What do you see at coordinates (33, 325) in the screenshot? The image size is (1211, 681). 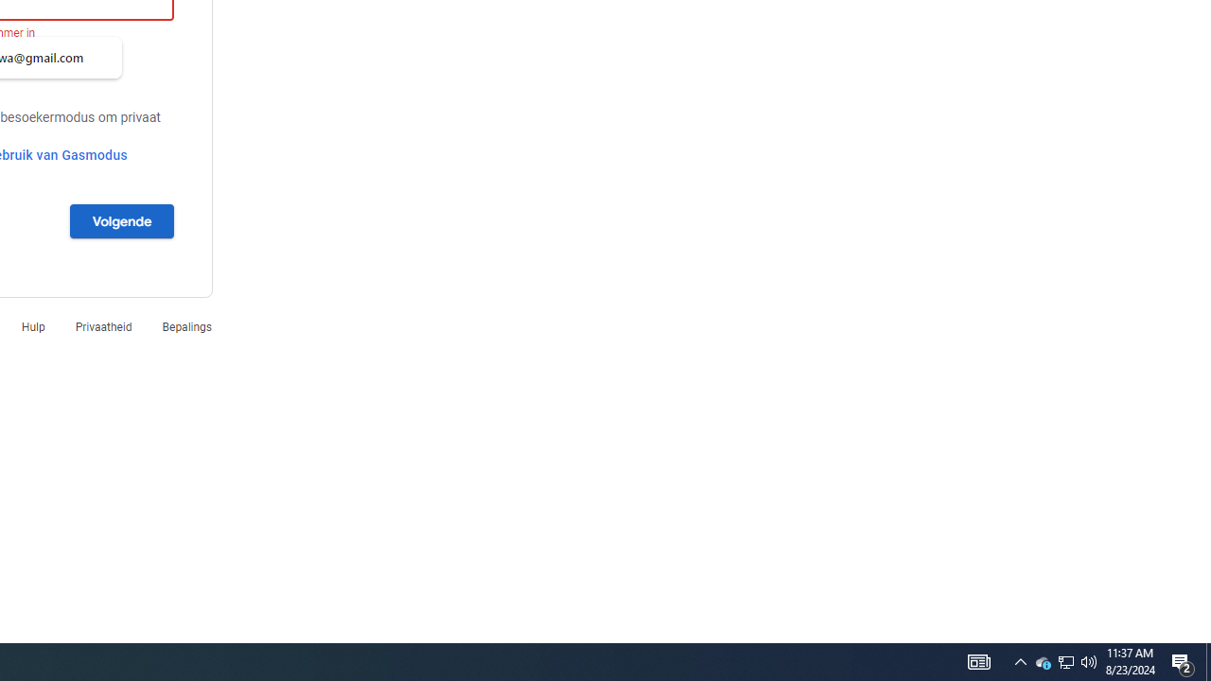 I see `'Hulp'` at bounding box center [33, 325].